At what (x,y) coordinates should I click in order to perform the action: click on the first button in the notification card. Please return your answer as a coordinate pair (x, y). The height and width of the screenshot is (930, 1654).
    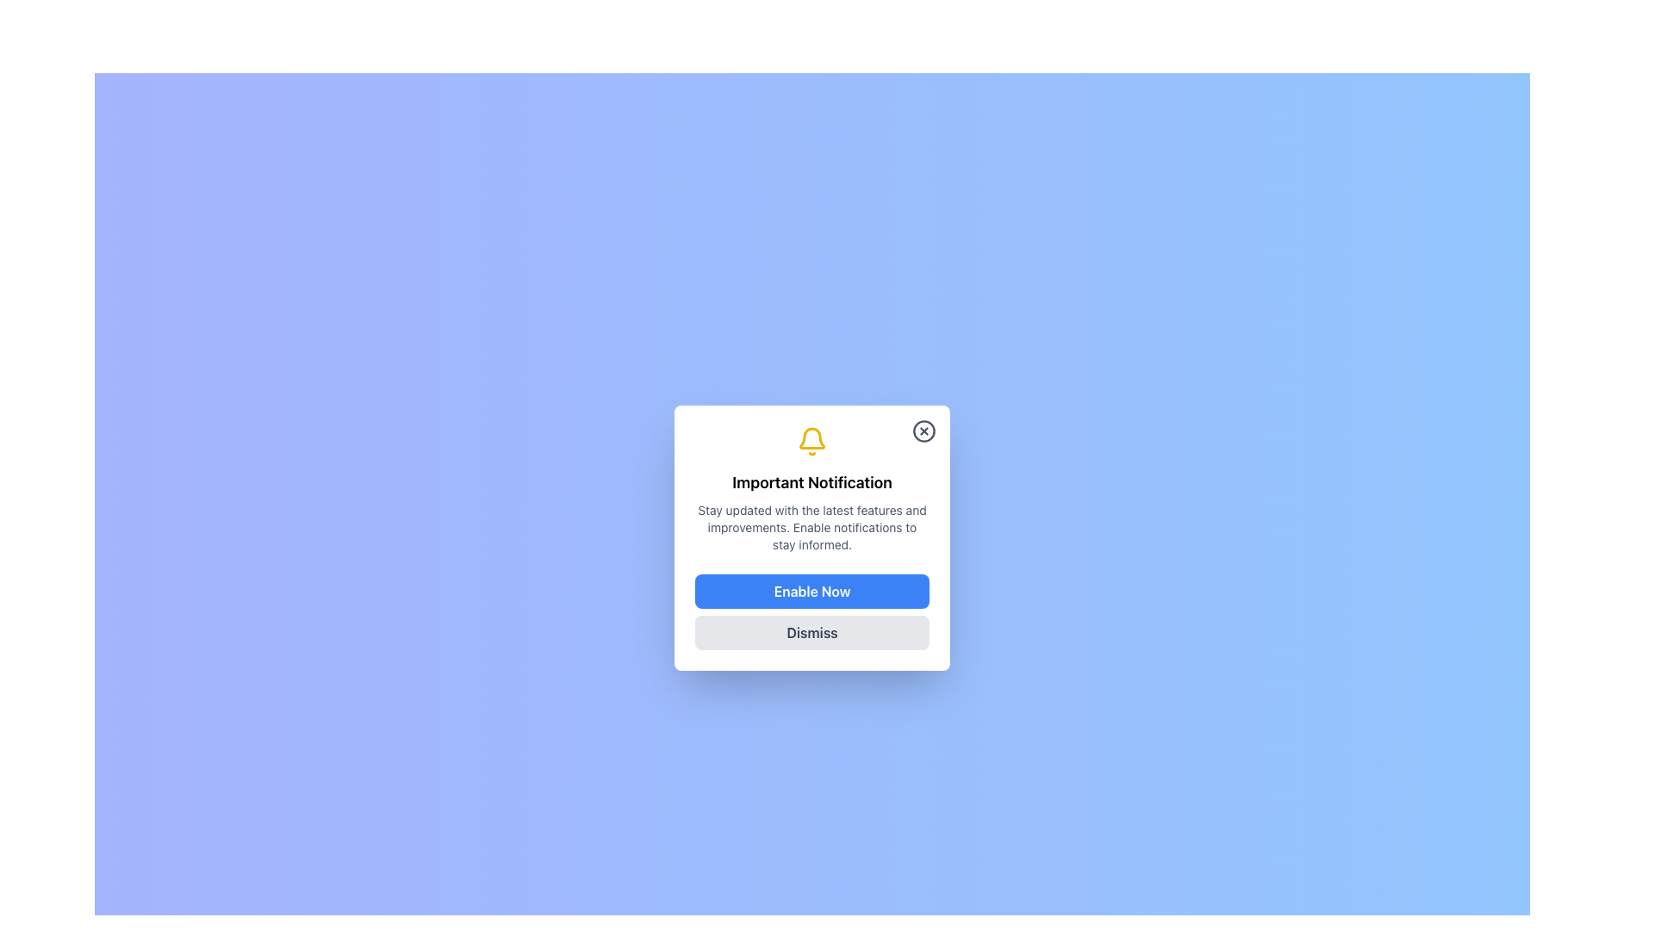
    Looking at the image, I should click on (811, 590).